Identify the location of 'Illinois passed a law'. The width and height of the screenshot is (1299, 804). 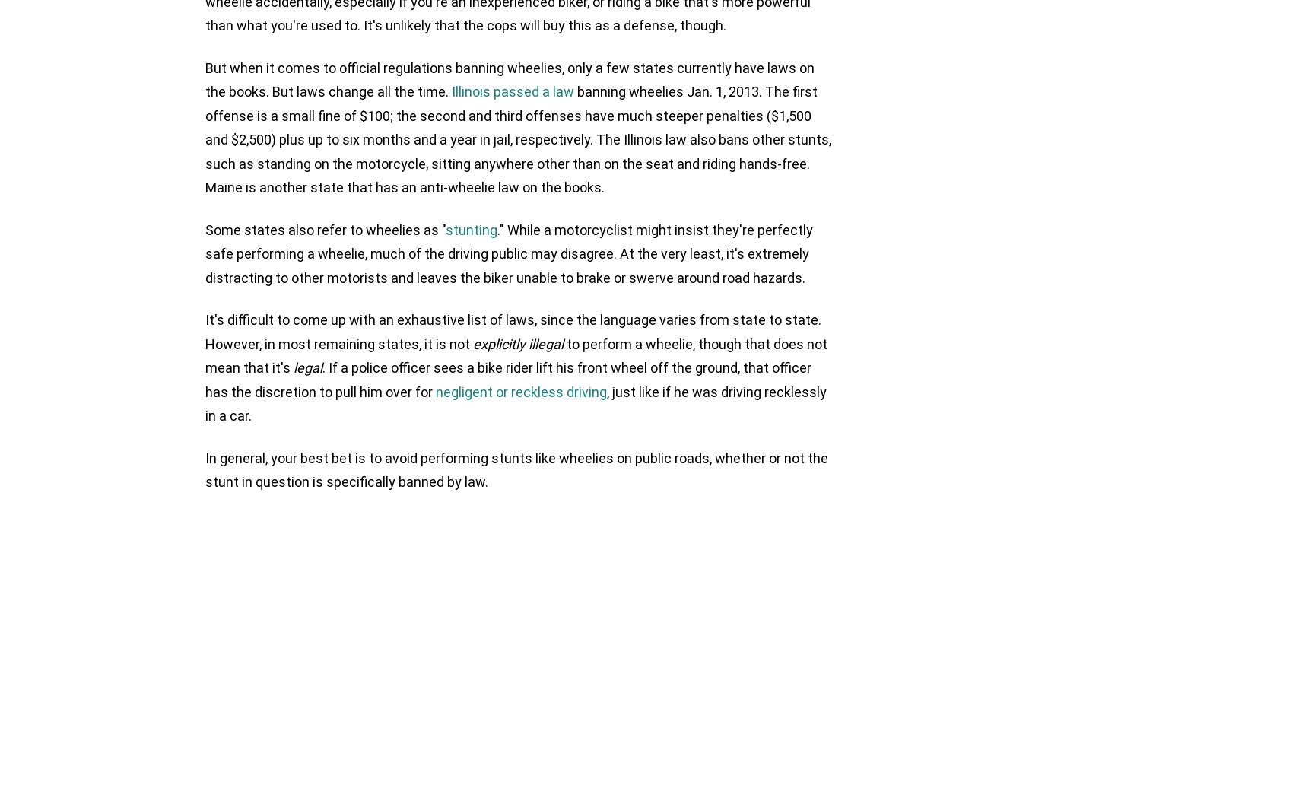
(452, 91).